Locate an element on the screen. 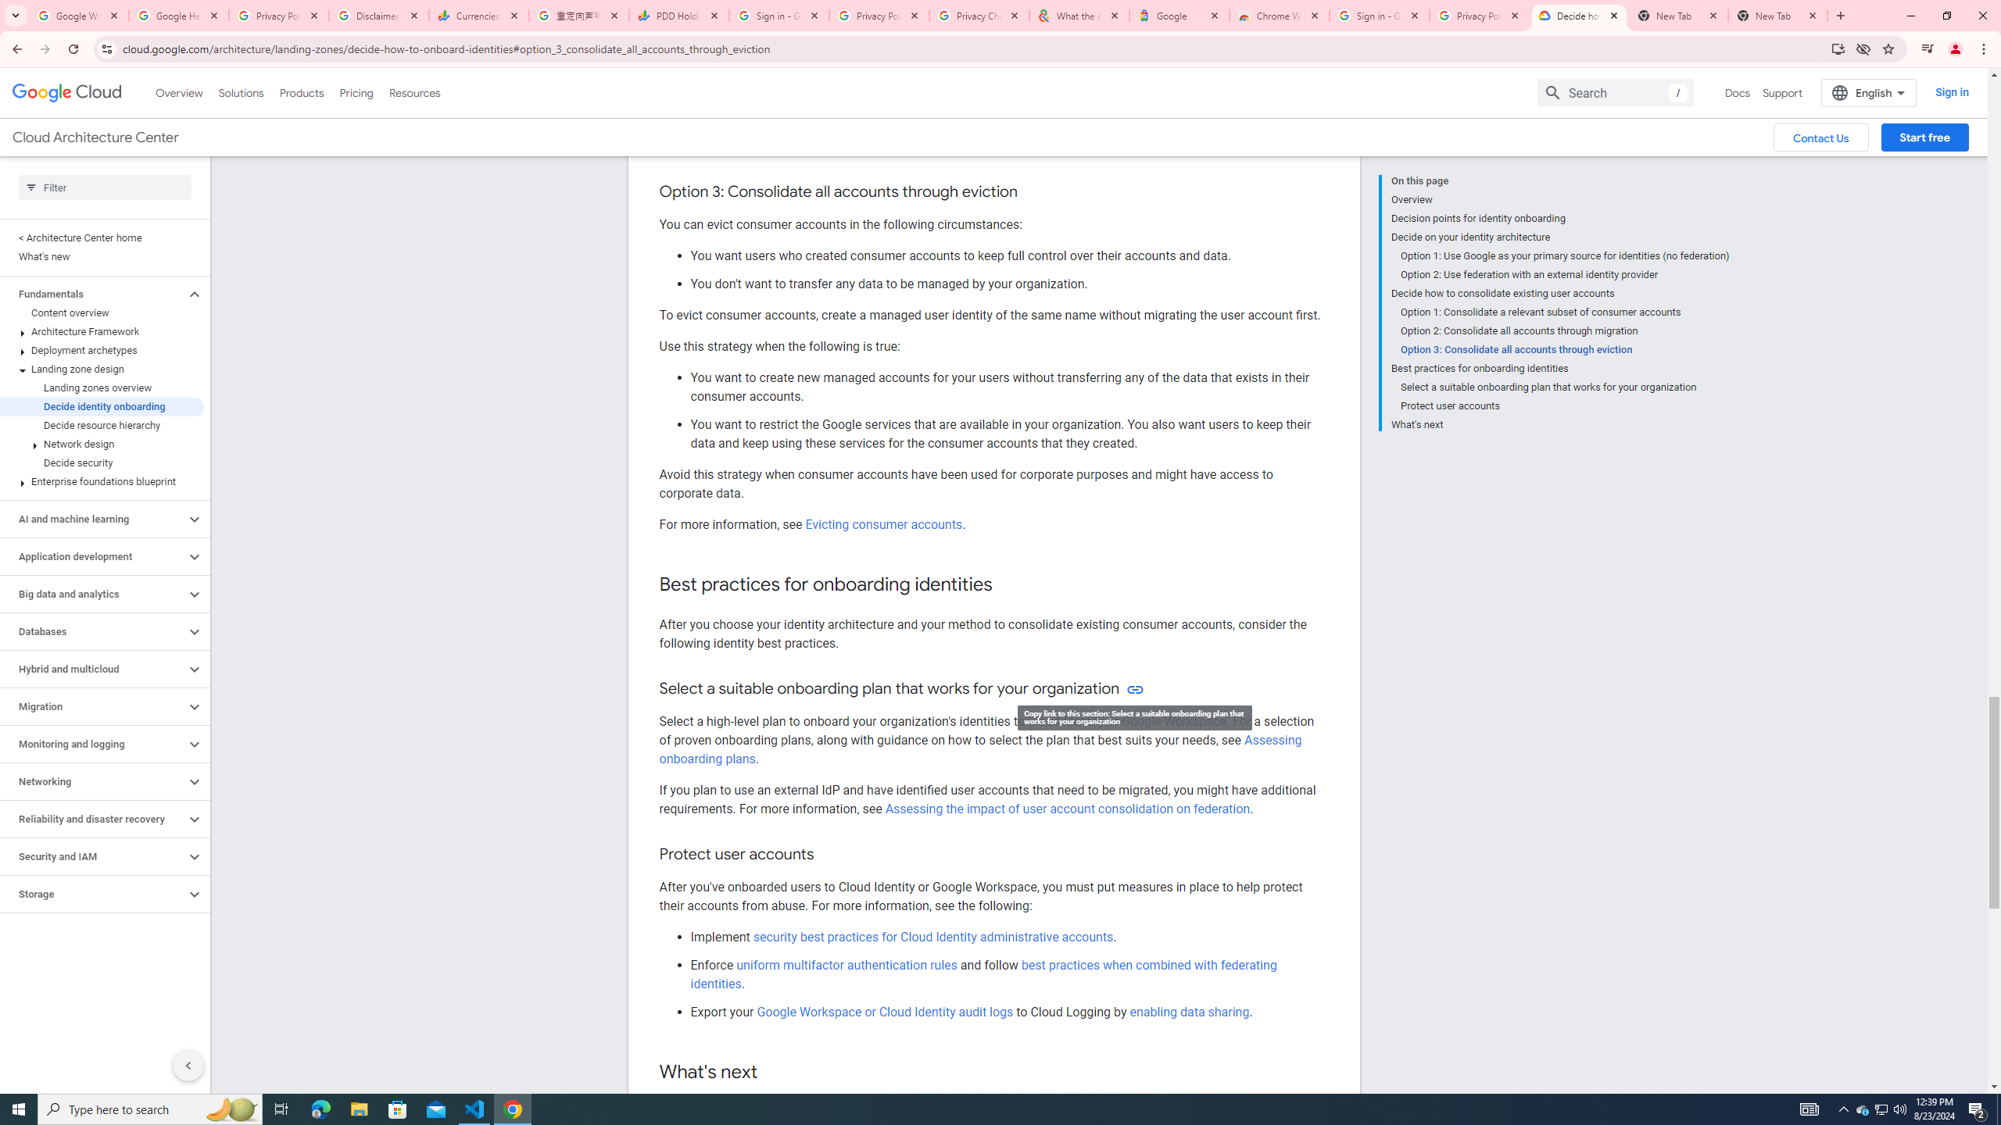 The width and height of the screenshot is (2001, 1125). 'Hybrid and multicloud' is located at coordinates (92, 668).